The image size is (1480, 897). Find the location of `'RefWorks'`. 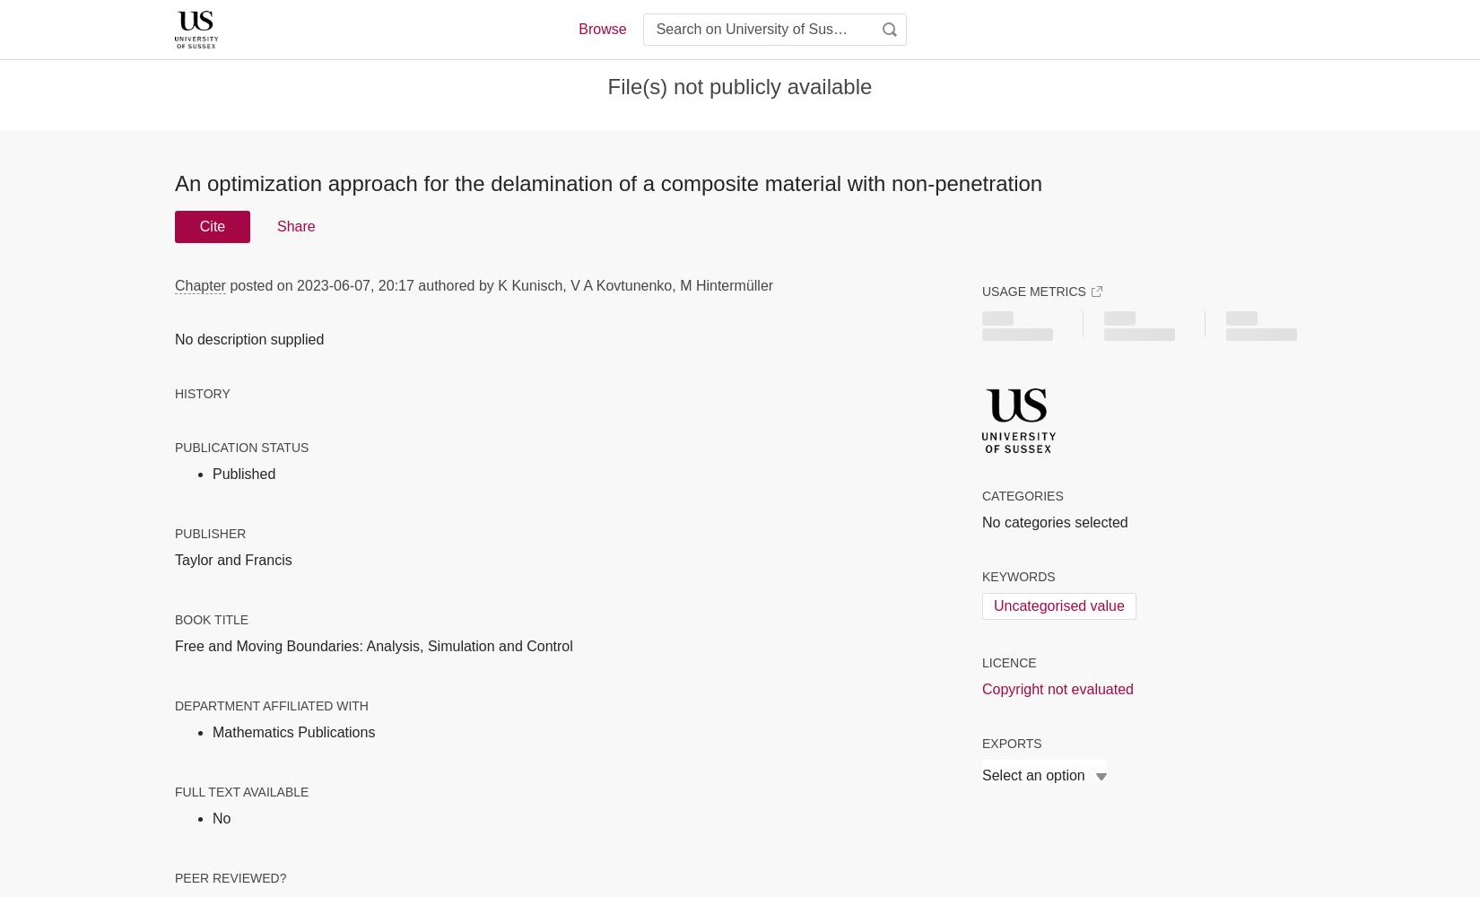

'RefWorks' is located at coordinates (999, 791).